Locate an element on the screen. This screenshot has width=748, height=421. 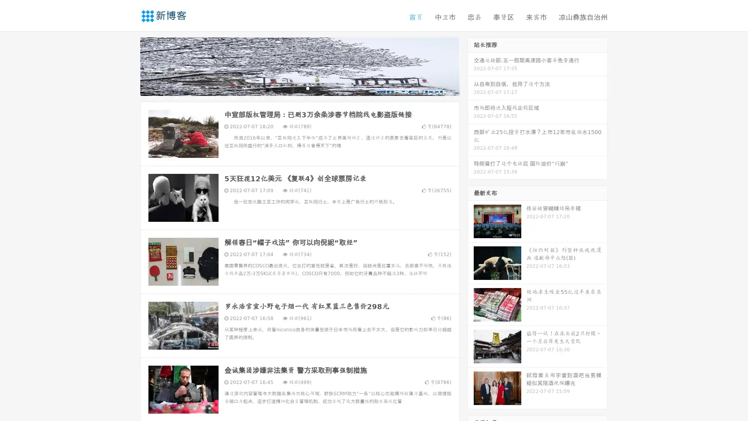
Next slide is located at coordinates (471, 65).